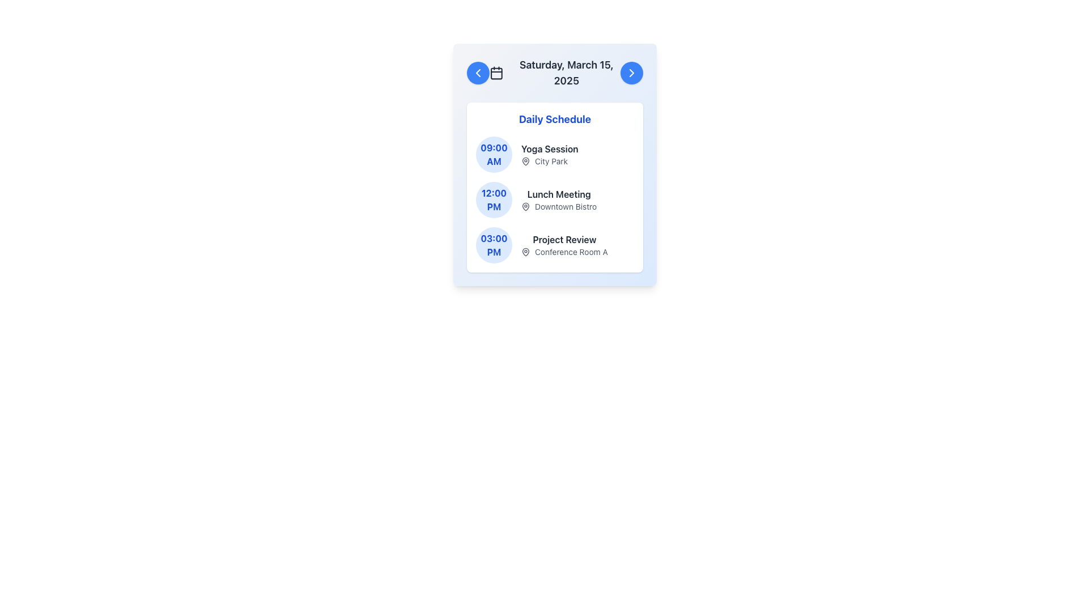  What do you see at coordinates (478, 73) in the screenshot?
I see `the navigation button located in the top-left corner of the modal interface, positioned to the left of the calendar icon and above the schedule content, to trigger the hover effect` at bounding box center [478, 73].